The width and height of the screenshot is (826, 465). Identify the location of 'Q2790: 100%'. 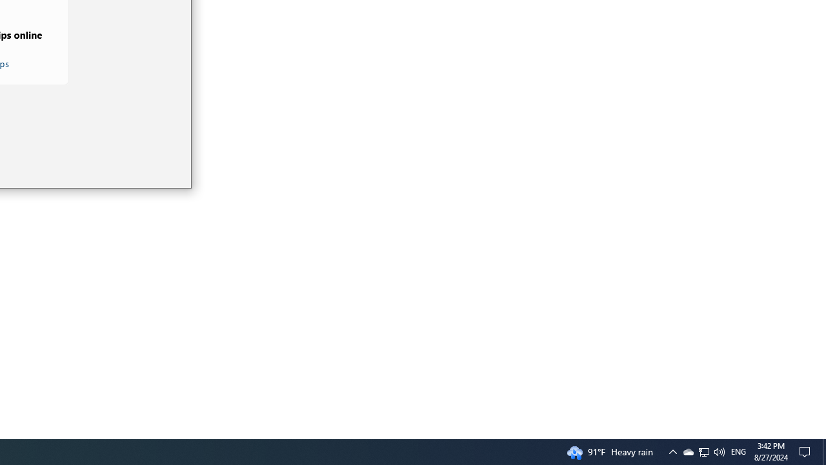
(703, 451).